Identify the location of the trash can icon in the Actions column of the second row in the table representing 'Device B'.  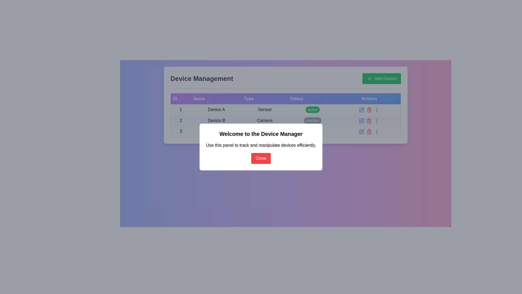
(369, 120).